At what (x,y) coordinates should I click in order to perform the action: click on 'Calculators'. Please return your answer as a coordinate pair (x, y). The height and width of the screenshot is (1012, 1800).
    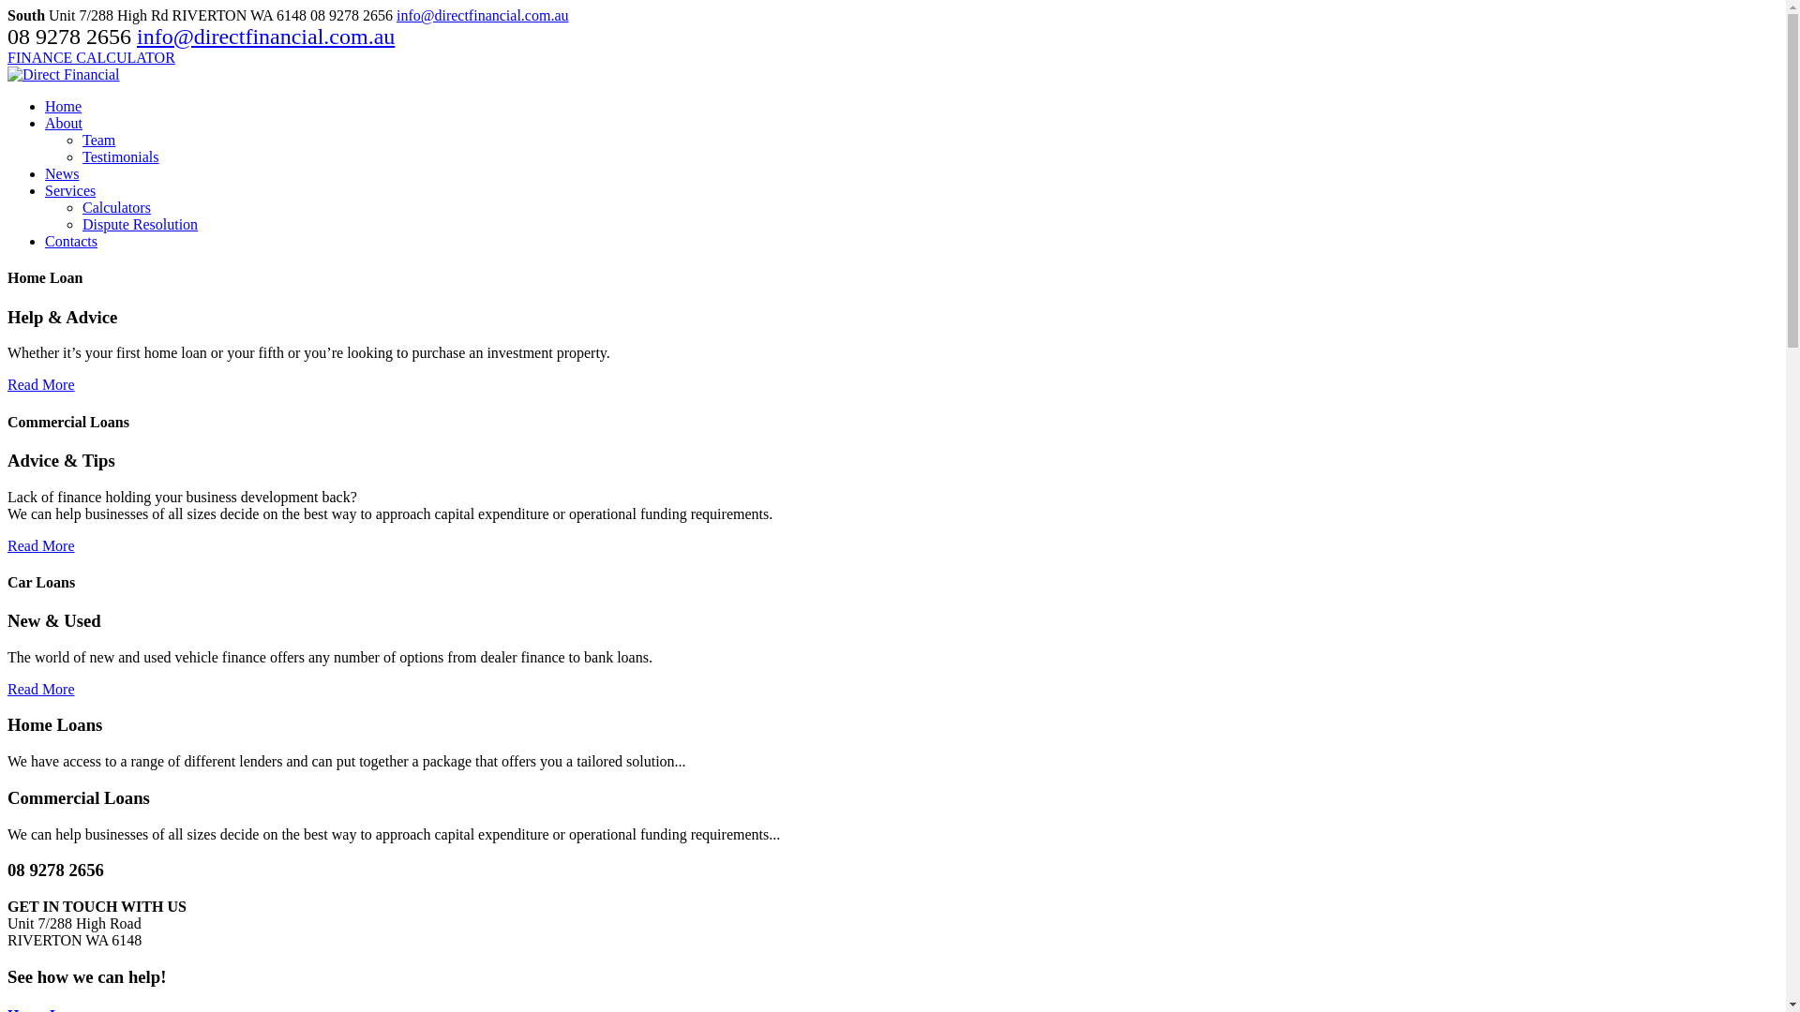
    Looking at the image, I should click on (115, 207).